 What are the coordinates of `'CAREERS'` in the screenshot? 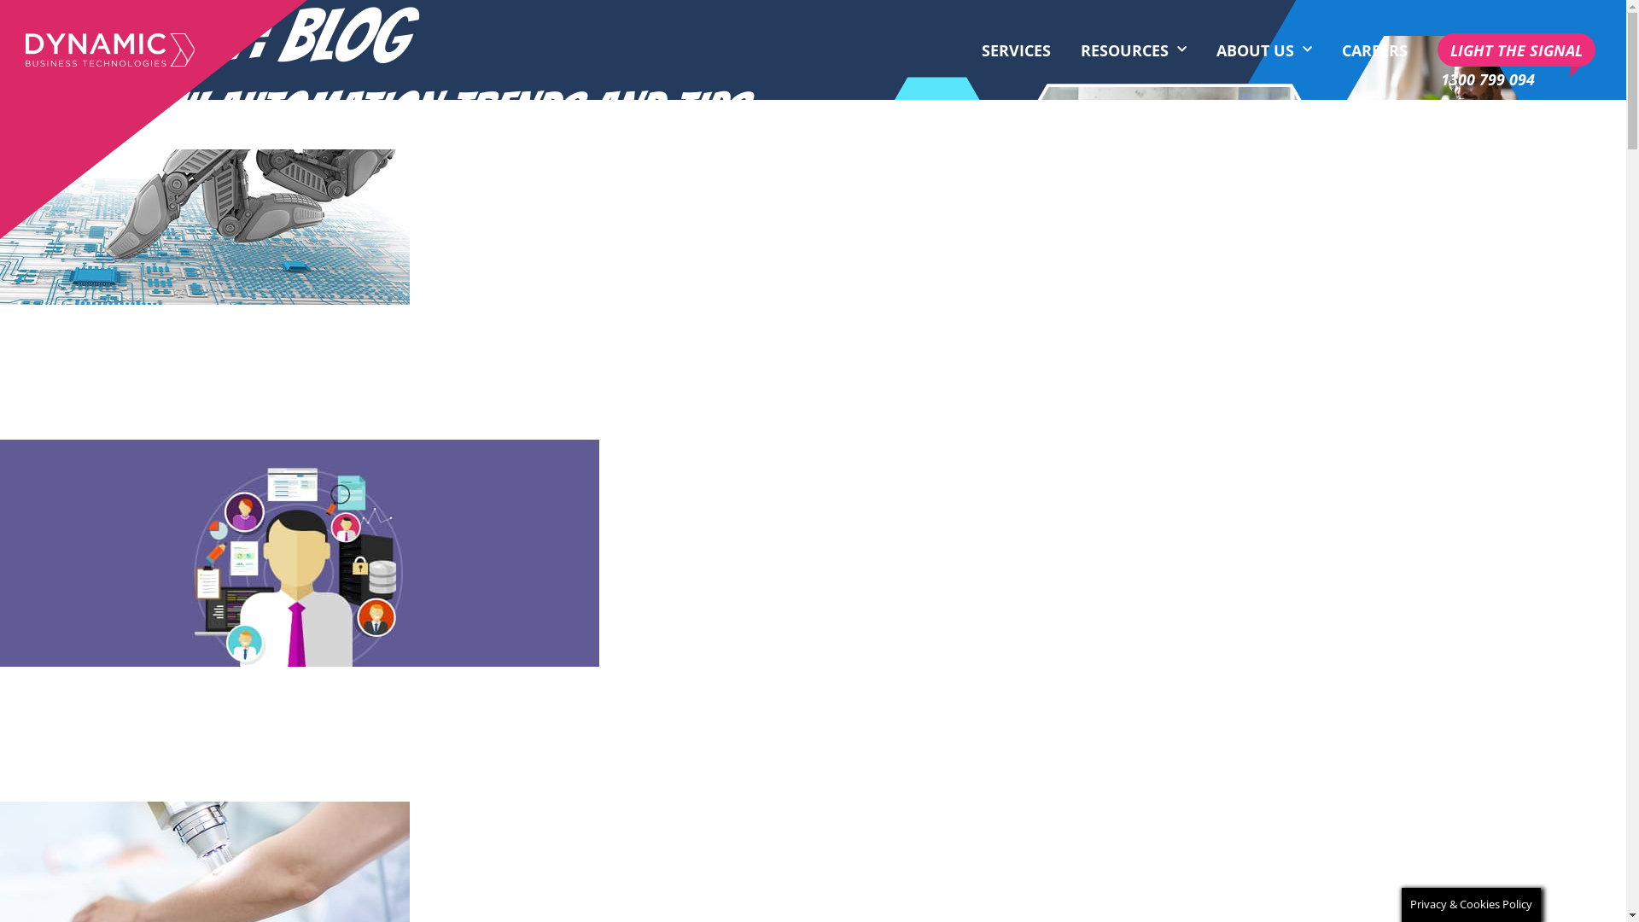 It's located at (1374, 49).